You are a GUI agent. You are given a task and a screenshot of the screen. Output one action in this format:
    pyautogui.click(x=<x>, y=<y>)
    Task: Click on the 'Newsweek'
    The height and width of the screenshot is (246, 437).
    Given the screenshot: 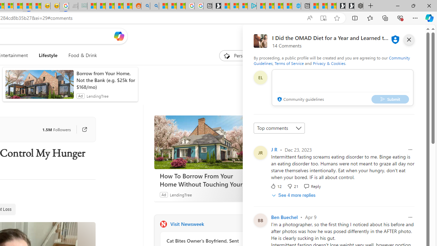 What is the action you would take?
    pyautogui.click(x=163, y=224)
    